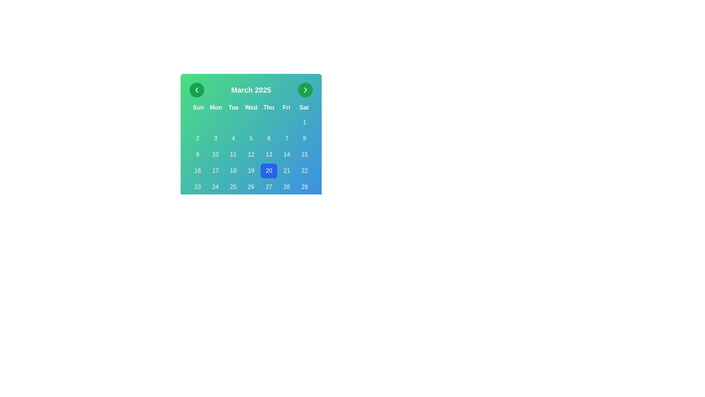  What do you see at coordinates (286, 108) in the screenshot?
I see `the text label representing 'Fri', which is the abbreviation for Friday, located between 'Thu' and 'Sat' in the calendar interface` at bounding box center [286, 108].